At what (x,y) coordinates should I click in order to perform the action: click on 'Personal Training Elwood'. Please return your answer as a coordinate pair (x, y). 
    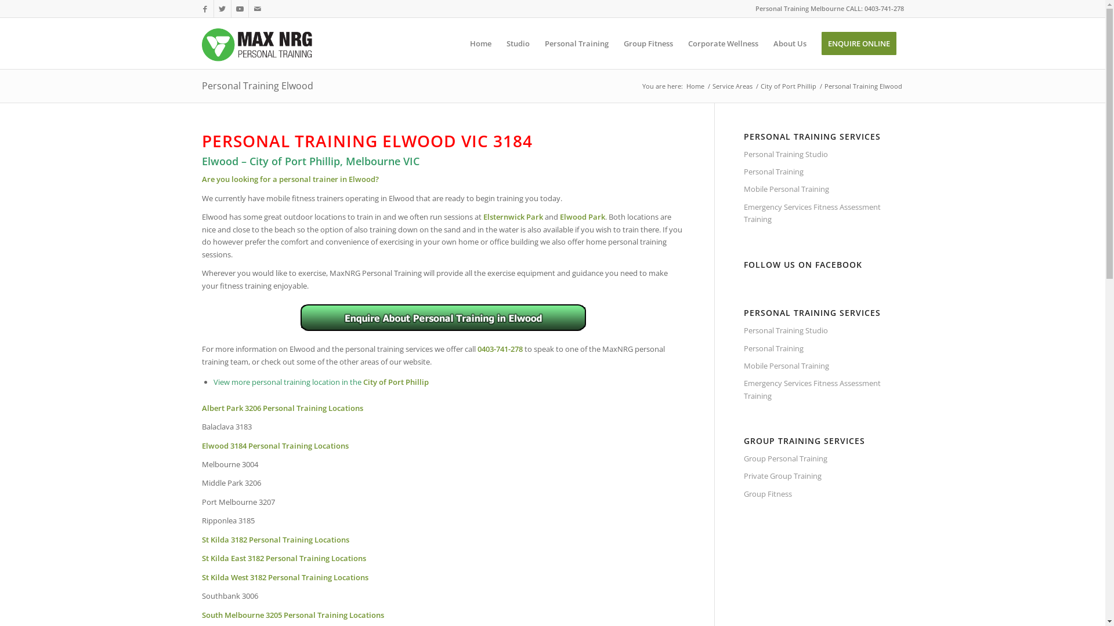
    Looking at the image, I should click on (257, 85).